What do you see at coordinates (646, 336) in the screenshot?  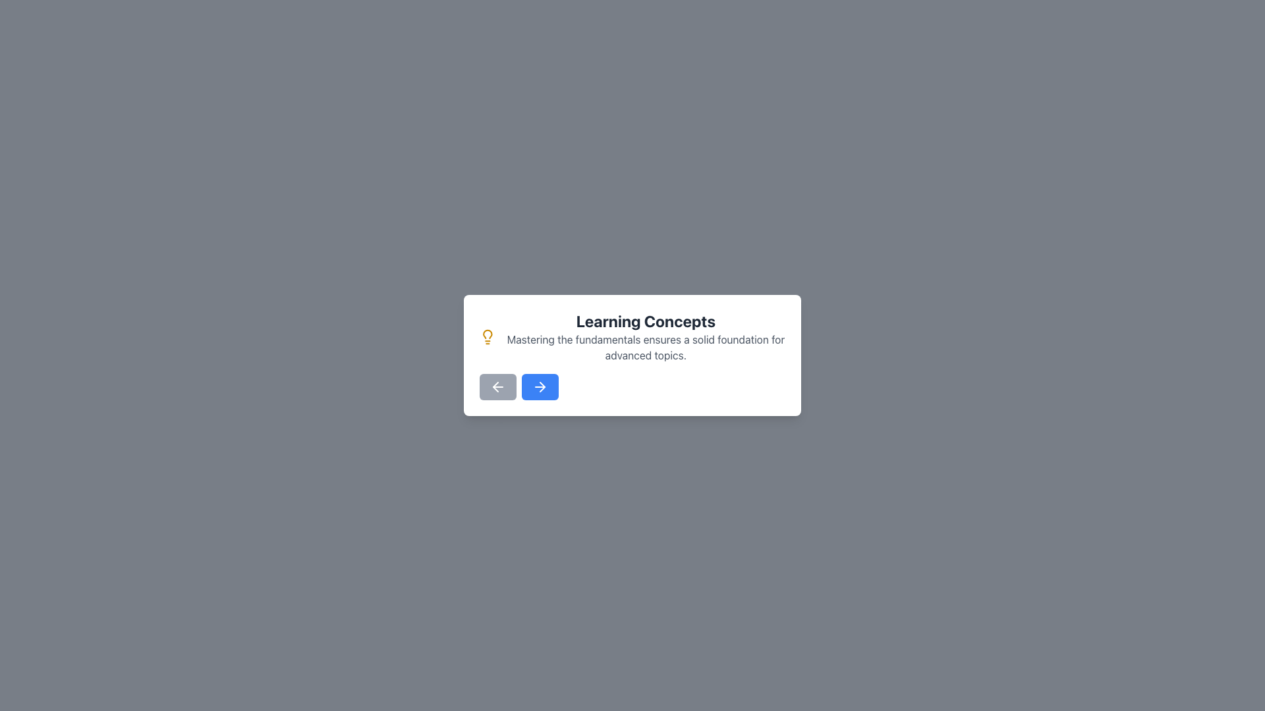 I see `the Textual Display Element that presents the concept header 'Learning Concepts' and its informative statement about mastering fundamentals` at bounding box center [646, 336].